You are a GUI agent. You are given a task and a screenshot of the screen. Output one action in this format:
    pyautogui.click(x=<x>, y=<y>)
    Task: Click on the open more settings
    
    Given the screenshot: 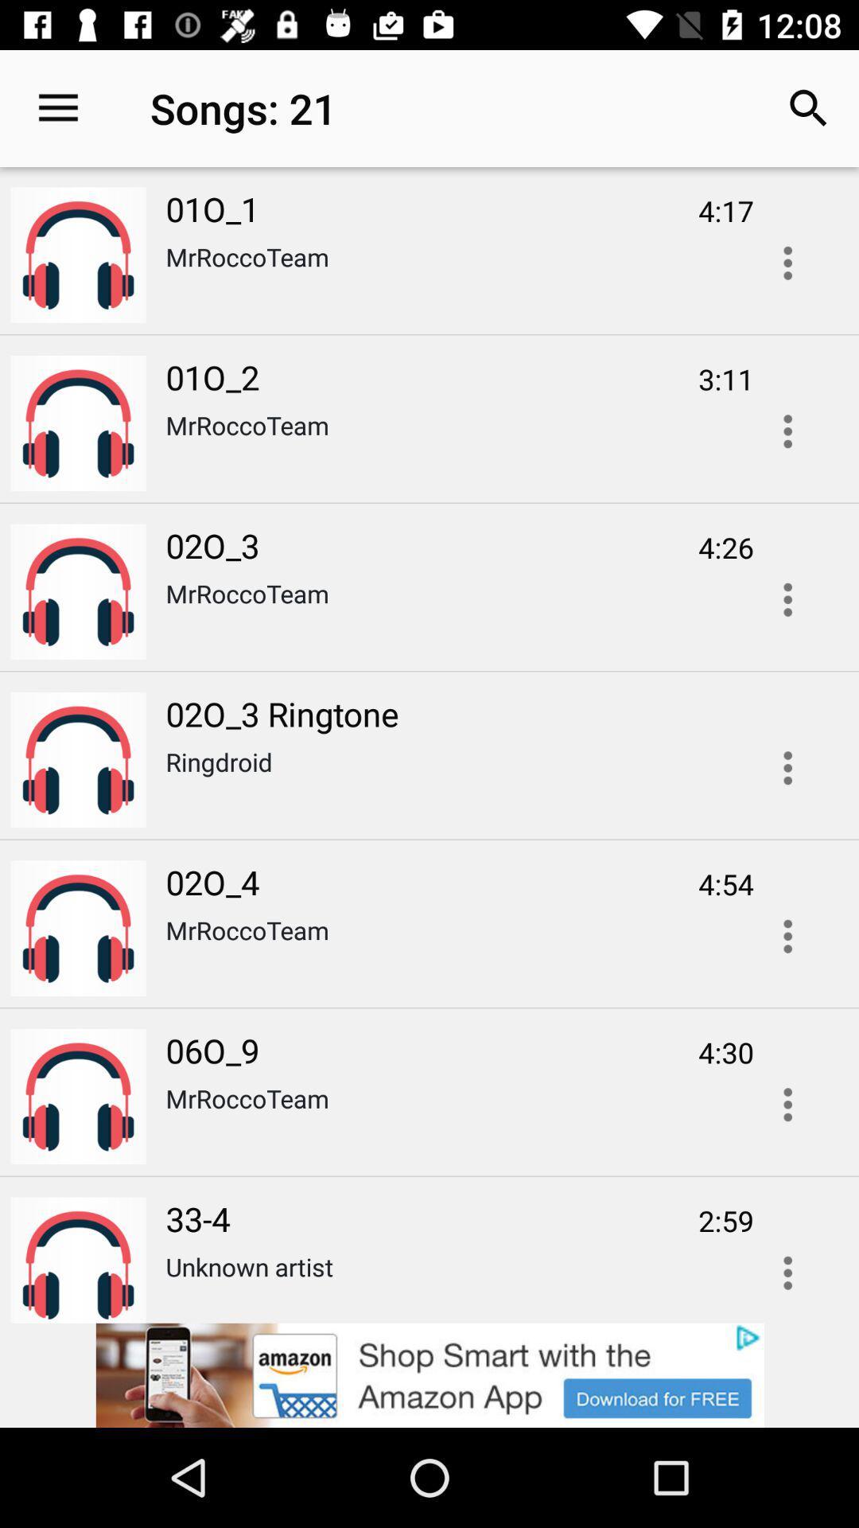 What is the action you would take?
    pyautogui.click(x=787, y=1267)
    